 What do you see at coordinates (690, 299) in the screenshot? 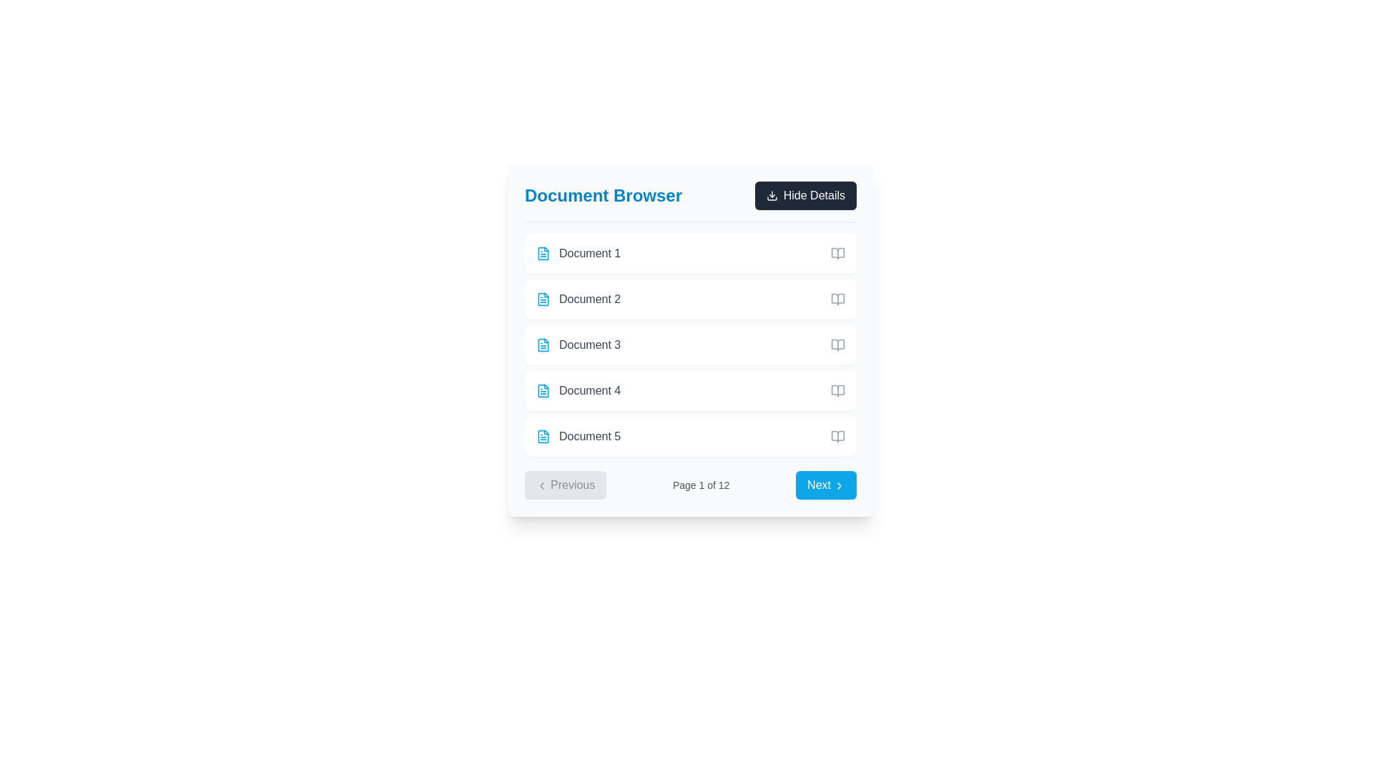
I see `the second document entry` at bounding box center [690, 299].